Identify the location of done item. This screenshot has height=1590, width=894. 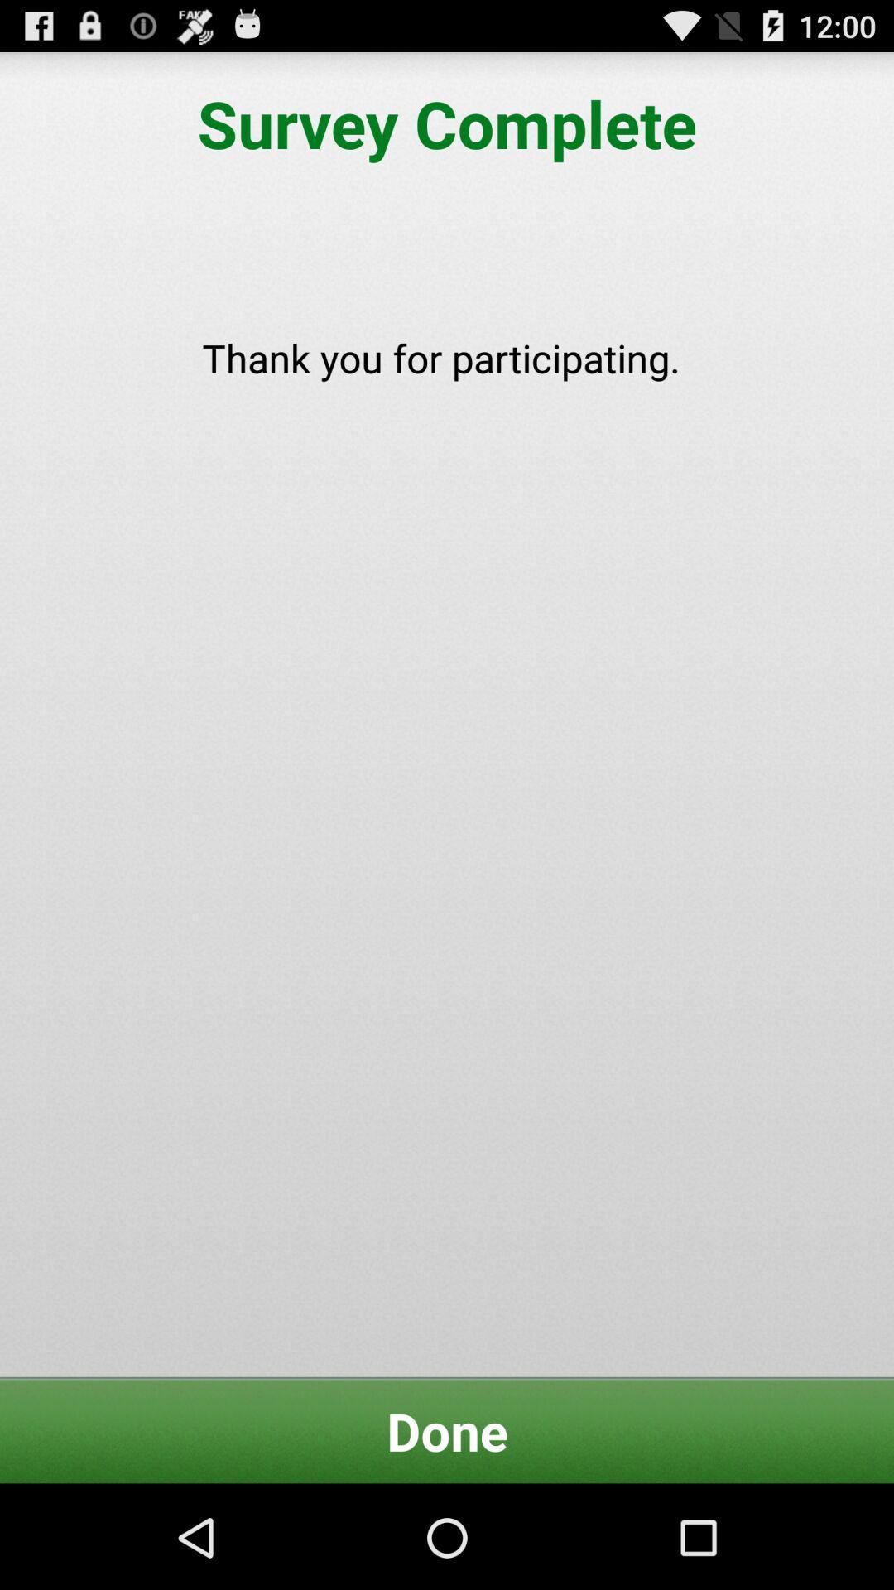
(447, 1430).